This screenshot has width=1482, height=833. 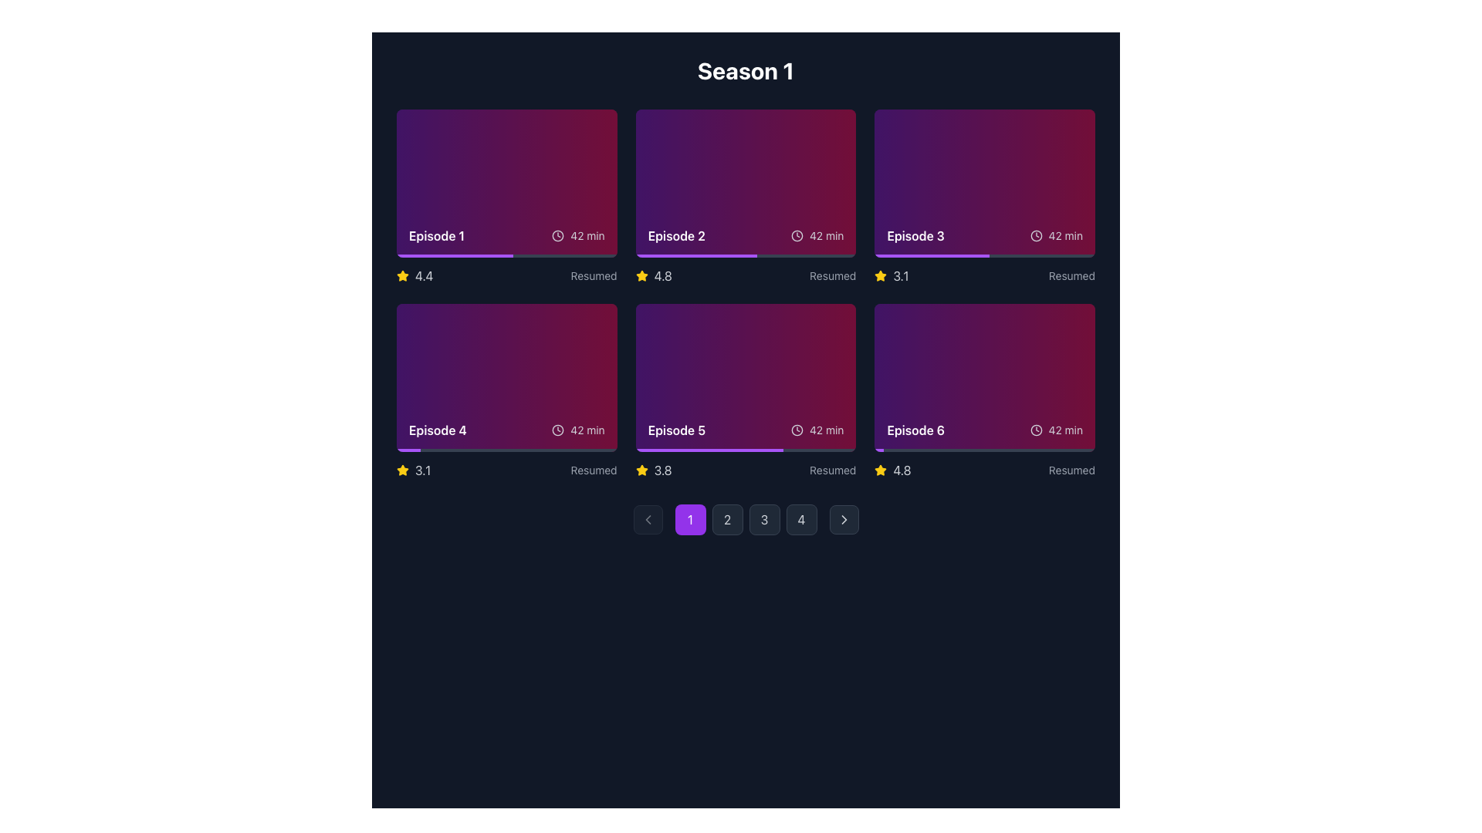 I want to click on the rating displayed on the label showing the numeric value for the episode, located in the bottom-left section of the 'Episode 4' card, next to a star icon, so click(x=901, y=275).